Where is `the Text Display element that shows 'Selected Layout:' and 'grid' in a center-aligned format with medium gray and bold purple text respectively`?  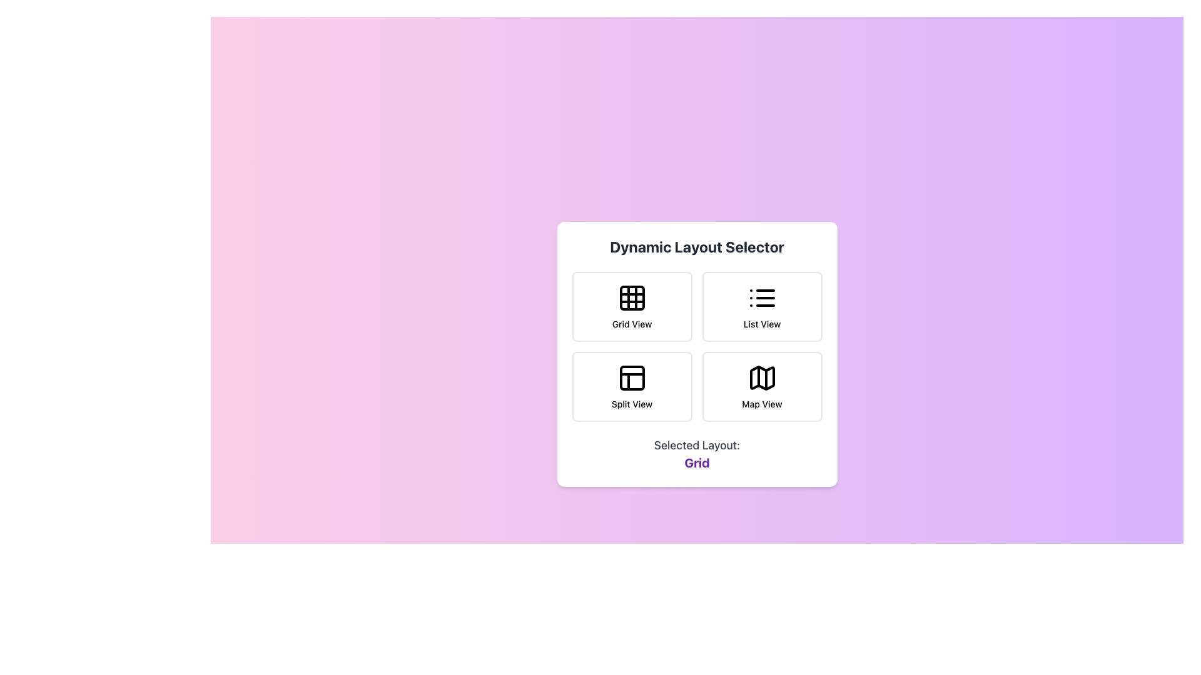 the Text Display element that shows 'Selected Layout:' and 'grid' in a center-aligned format with medium gray and bold purple text respectively is located at coordinates (696, 454).